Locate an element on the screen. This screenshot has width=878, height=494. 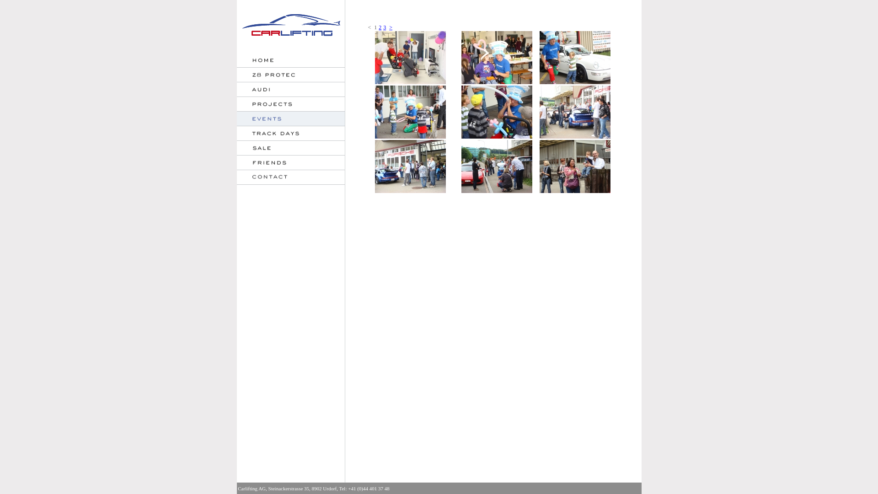
'3' is located at coordinates (384, 27).